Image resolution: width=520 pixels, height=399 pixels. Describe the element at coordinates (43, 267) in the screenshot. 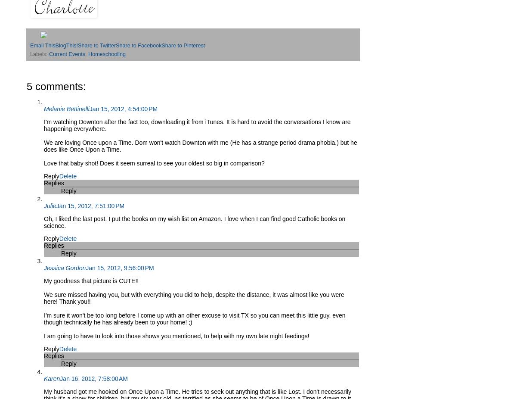

I see `'Jessica Gordon'` at that location.